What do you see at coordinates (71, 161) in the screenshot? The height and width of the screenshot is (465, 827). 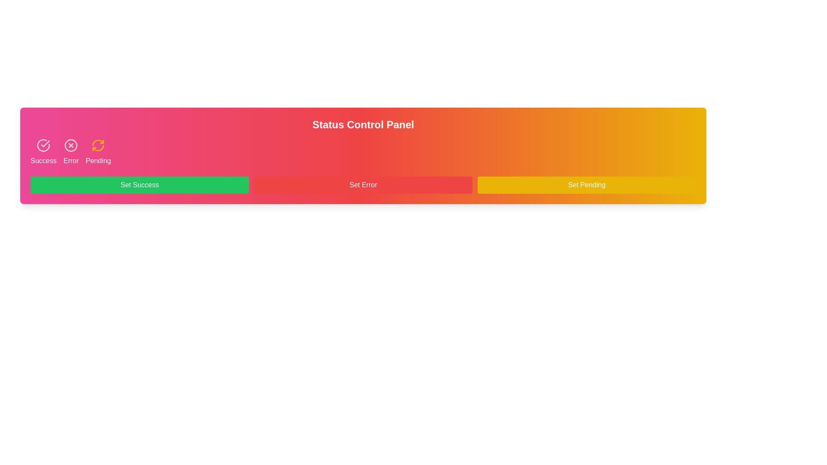 I see `the text label displaying 'Error', which is bold and centered beneath an 'X' icon in a pinkish gradient box, located in the middle segment of the top area of the panel` at bounding box center [71, 161].